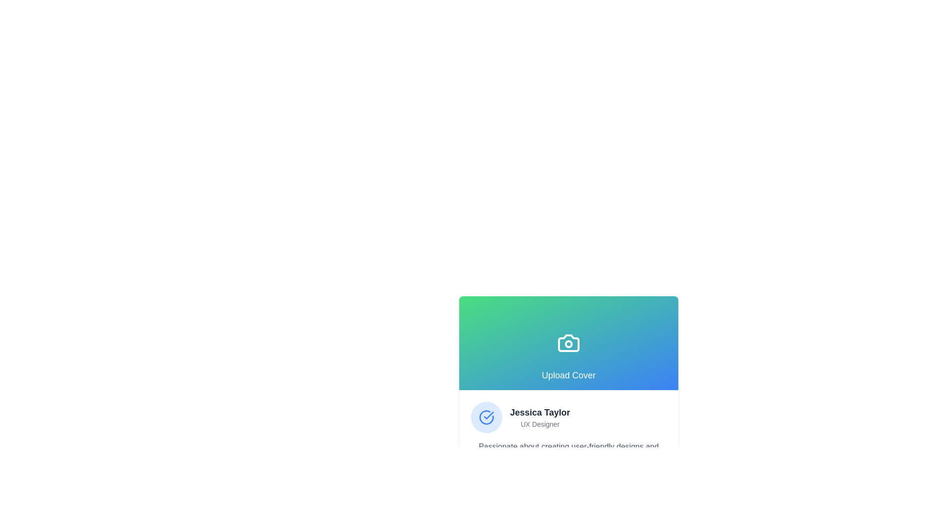  I want to click on the text label located at the bottom-center of the gradient-colored header section, just below the camera icon, so click(568, 374).